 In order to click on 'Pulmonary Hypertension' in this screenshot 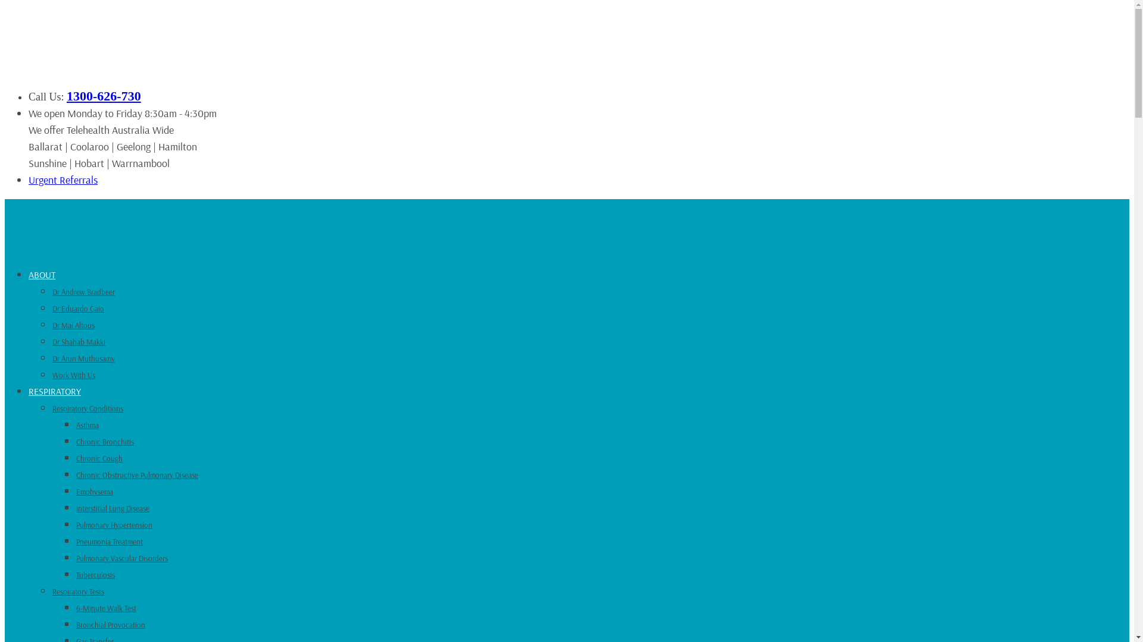, I will do `click(114, 524)`.